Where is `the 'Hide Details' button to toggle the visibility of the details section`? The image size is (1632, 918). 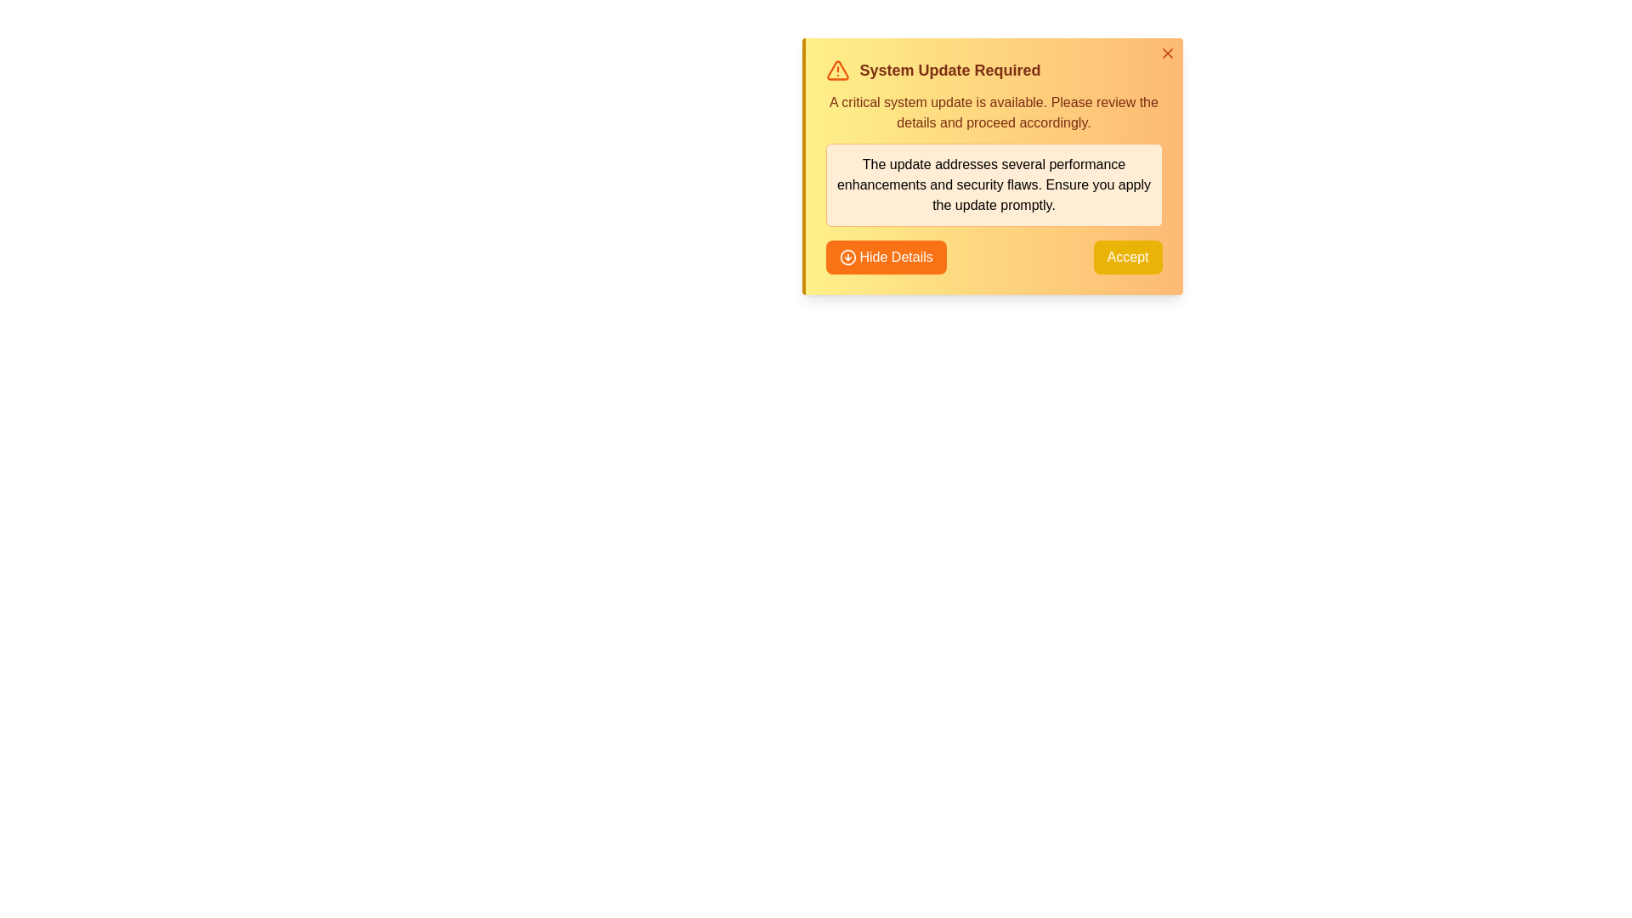
the 'Hide Details' button to toggle the visibility of the details section is located at coordinates (885, 258).